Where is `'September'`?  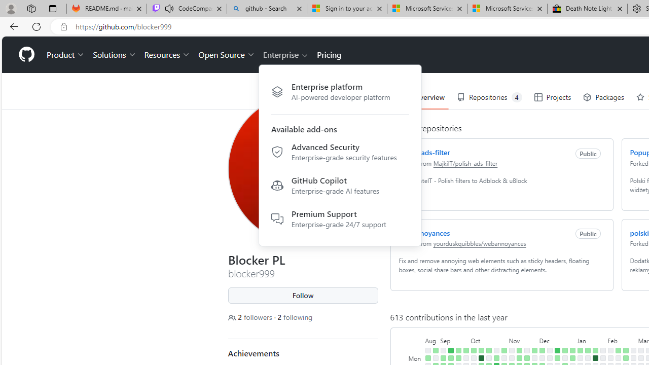
'September' is located at coordinates (454, 340).